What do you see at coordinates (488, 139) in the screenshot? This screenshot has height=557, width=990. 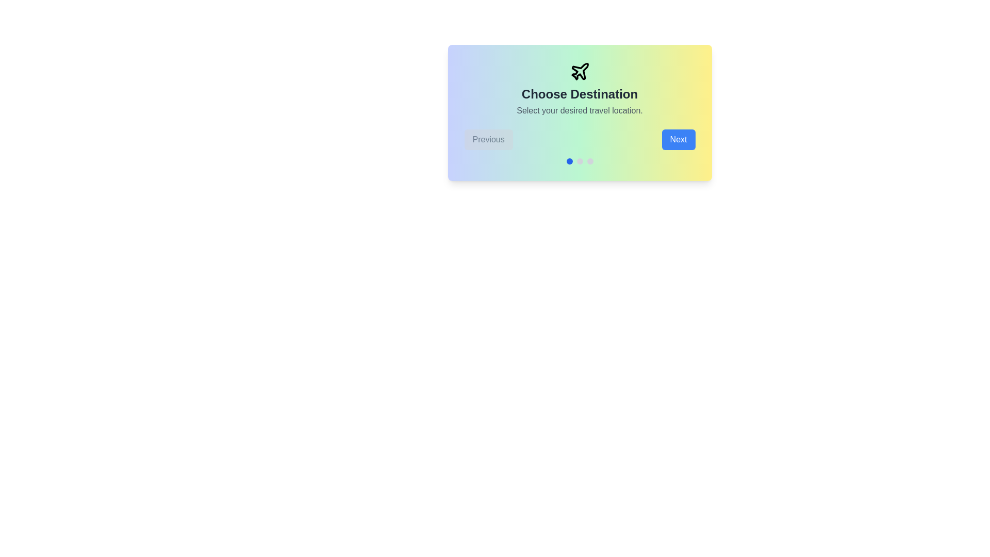 I see `'Previous' button to move to the previous step` at bounding box center [488, 139].